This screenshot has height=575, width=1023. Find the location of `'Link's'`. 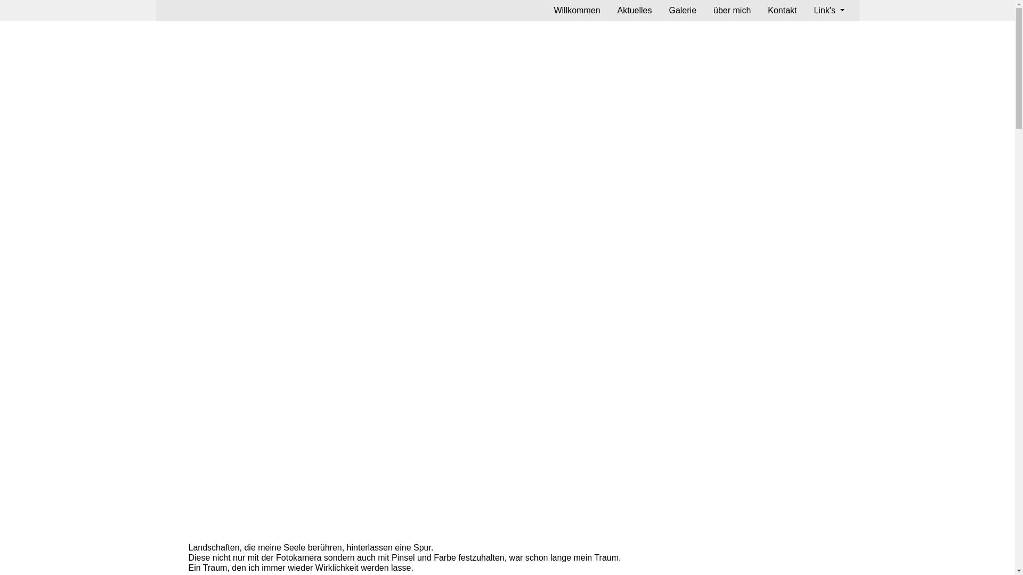

'Link's' is located at coordinates (829, 10).